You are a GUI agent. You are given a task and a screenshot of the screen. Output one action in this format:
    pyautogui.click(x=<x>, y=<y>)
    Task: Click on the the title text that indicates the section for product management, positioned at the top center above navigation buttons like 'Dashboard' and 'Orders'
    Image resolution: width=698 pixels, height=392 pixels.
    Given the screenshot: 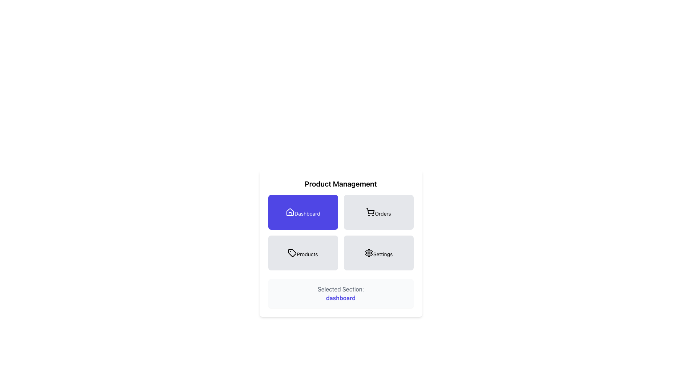 What is the action you would take?
    pyautogui.click(x=340, y=183)
    